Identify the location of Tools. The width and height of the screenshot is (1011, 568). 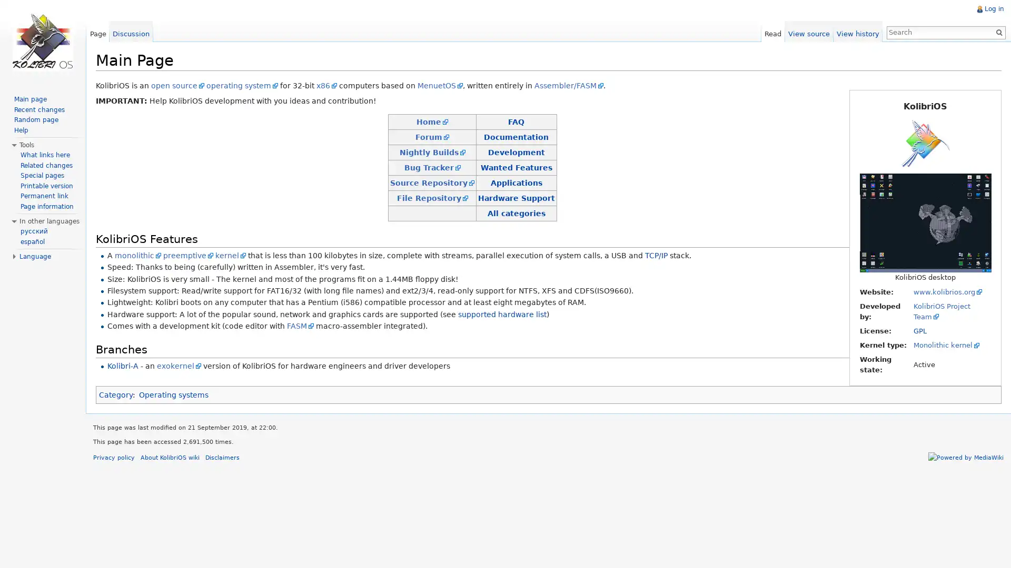
(27, 145).